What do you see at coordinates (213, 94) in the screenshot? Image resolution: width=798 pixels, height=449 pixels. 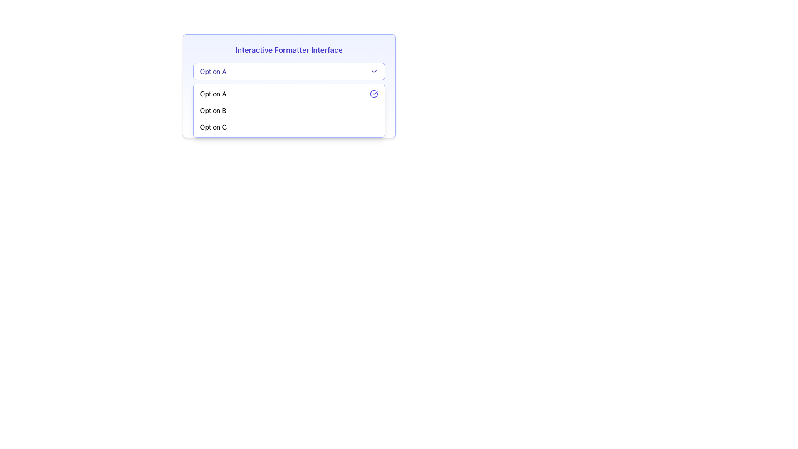 I see `the first option in the dropdown menu labeled 'Option A'` at bounding box center [213, 94].